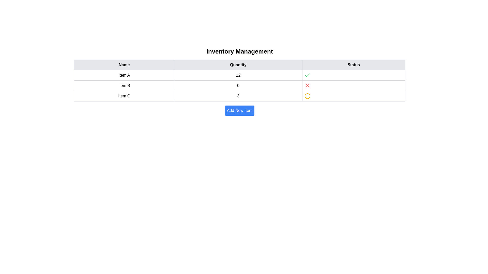 This screenshot has width=488, height=274. I want to click on the static text element displaying the quantity for 'Item C' in the inventory management table, located under the 'Quantity' header, so click(238, 96).